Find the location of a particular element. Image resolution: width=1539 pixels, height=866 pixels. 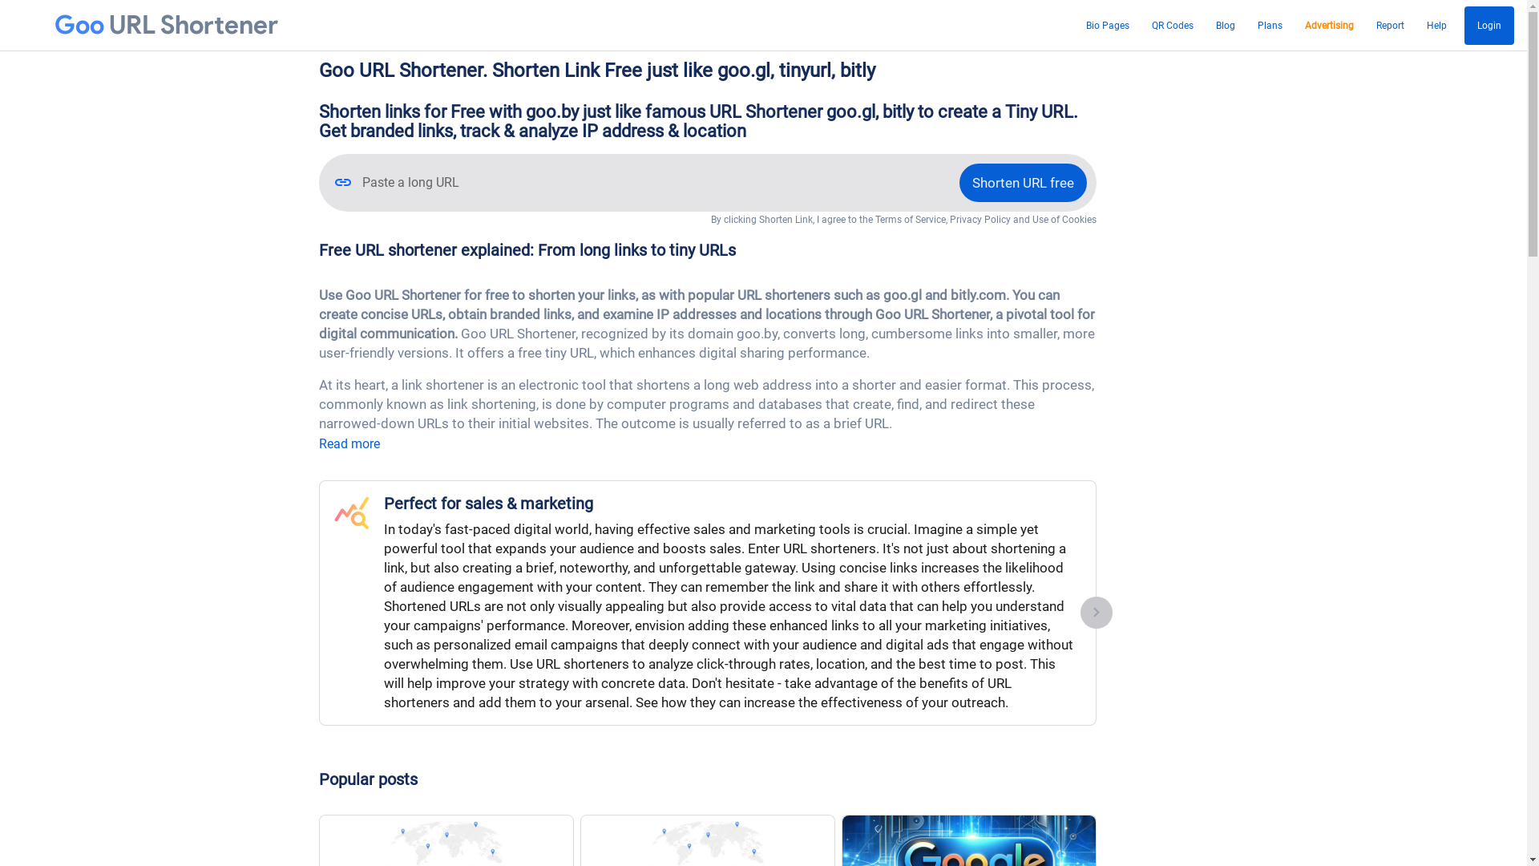

'Plans' is located at coordinates (1269, 25).